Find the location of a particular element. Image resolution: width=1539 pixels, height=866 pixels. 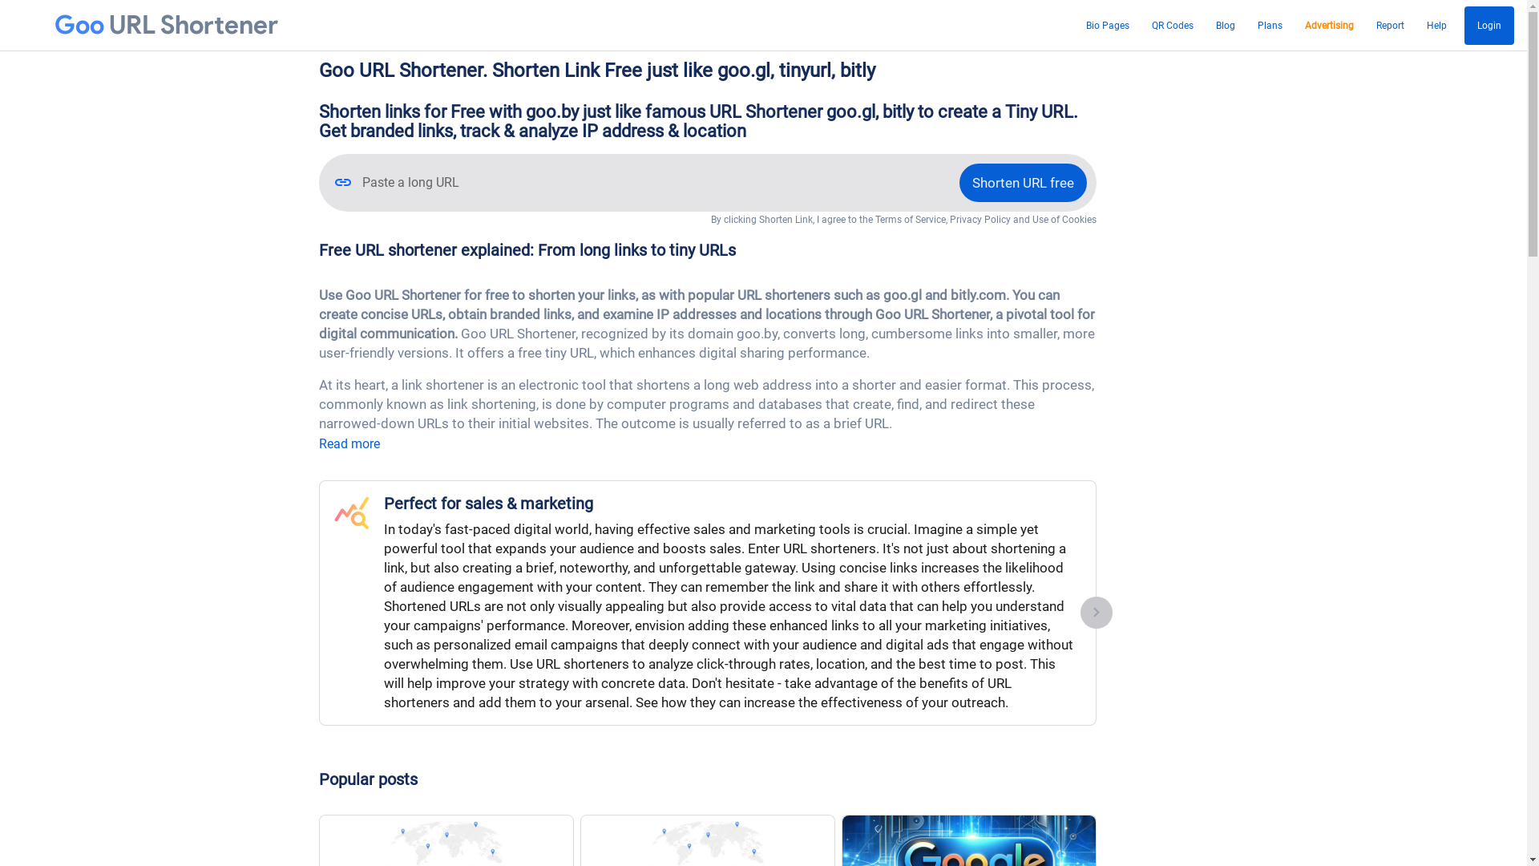

'Plans' is located at coordinates (1269, 25).